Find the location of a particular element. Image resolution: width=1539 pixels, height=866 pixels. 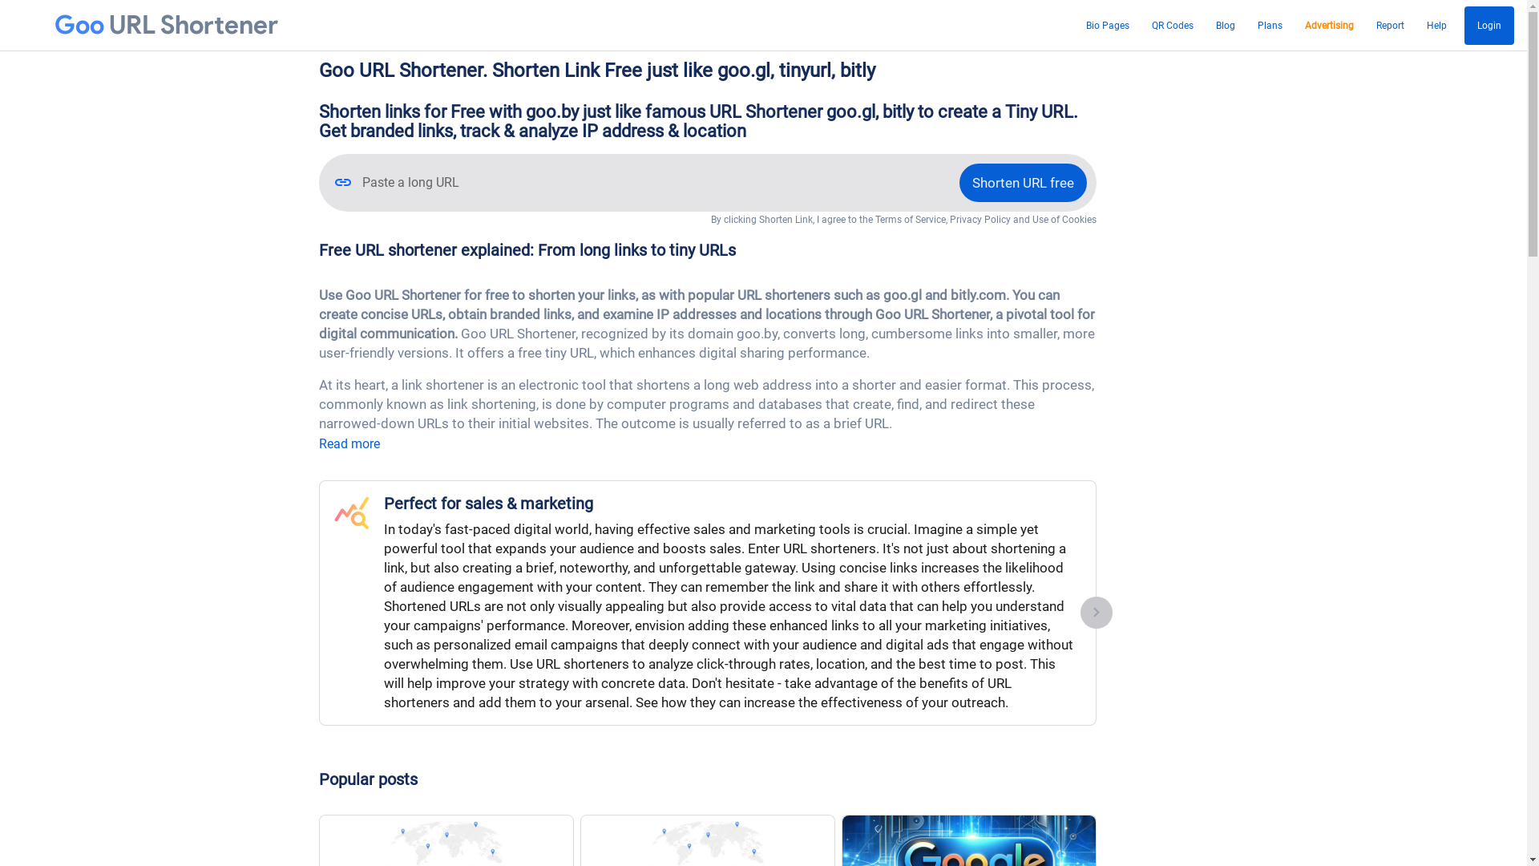

'Plans' is located at coordinates (1269, 25).